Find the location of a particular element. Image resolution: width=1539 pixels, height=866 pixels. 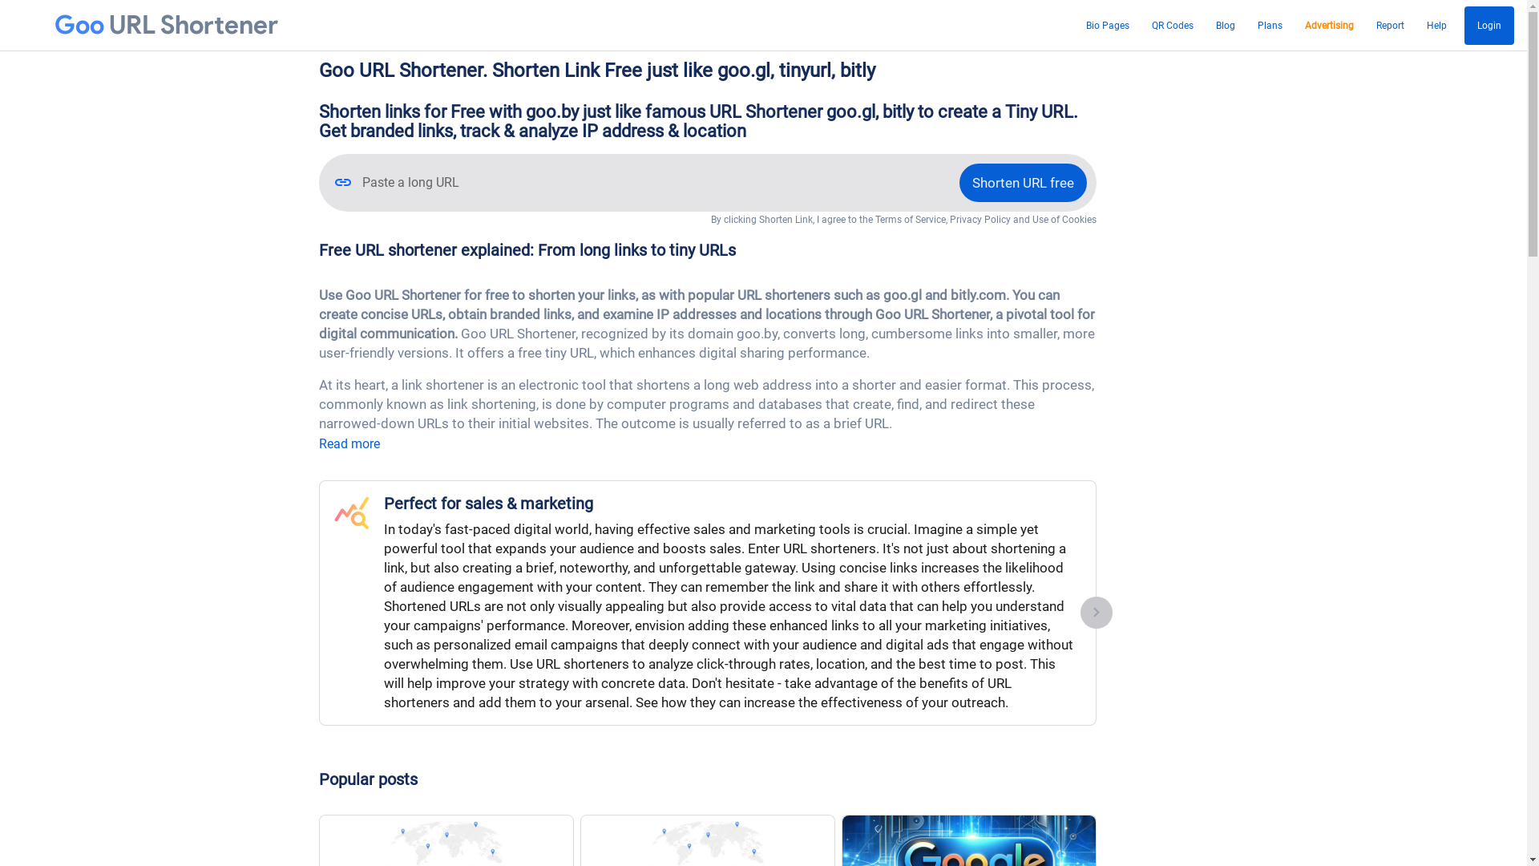

'Plans' is located at coordinates (1269, 25).